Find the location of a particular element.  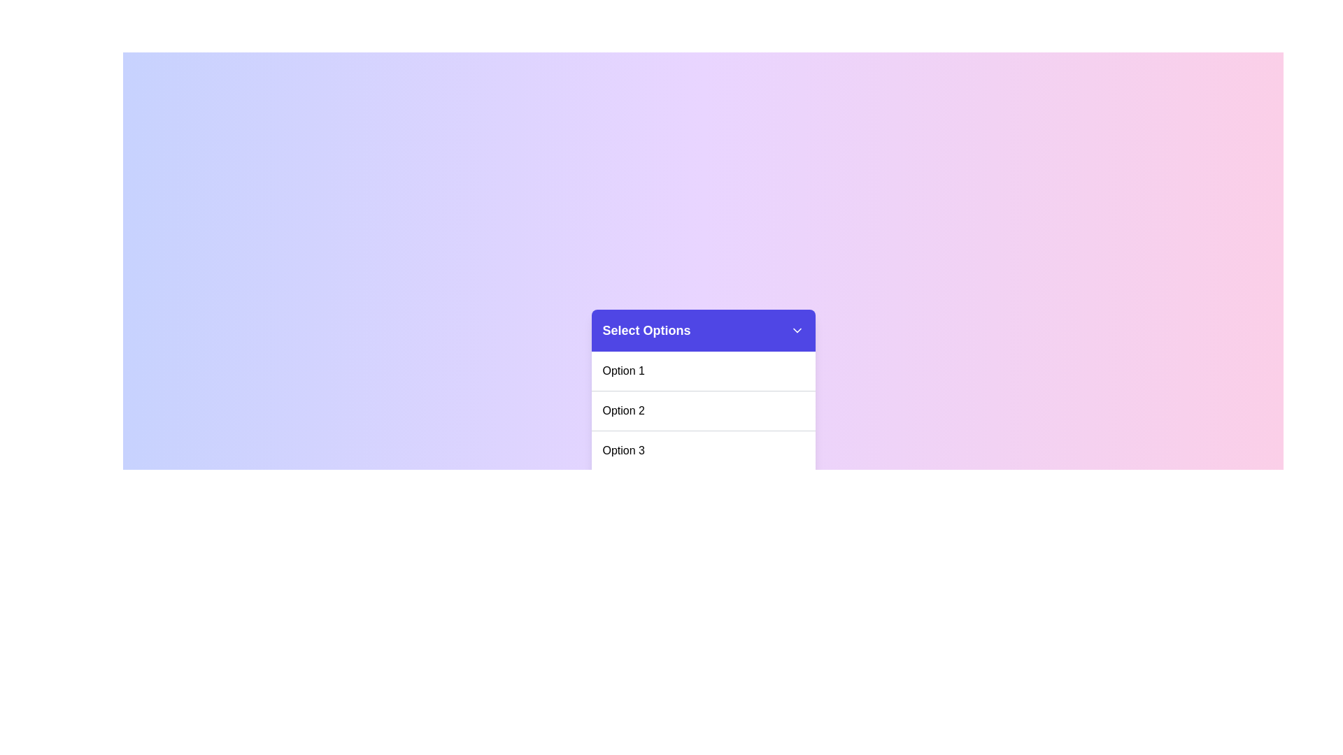

the 'Select Options' text label, which is a bold white text on a blue rounded rectangle located in the header of the dropdown menu is located at coordinates (646, 331).